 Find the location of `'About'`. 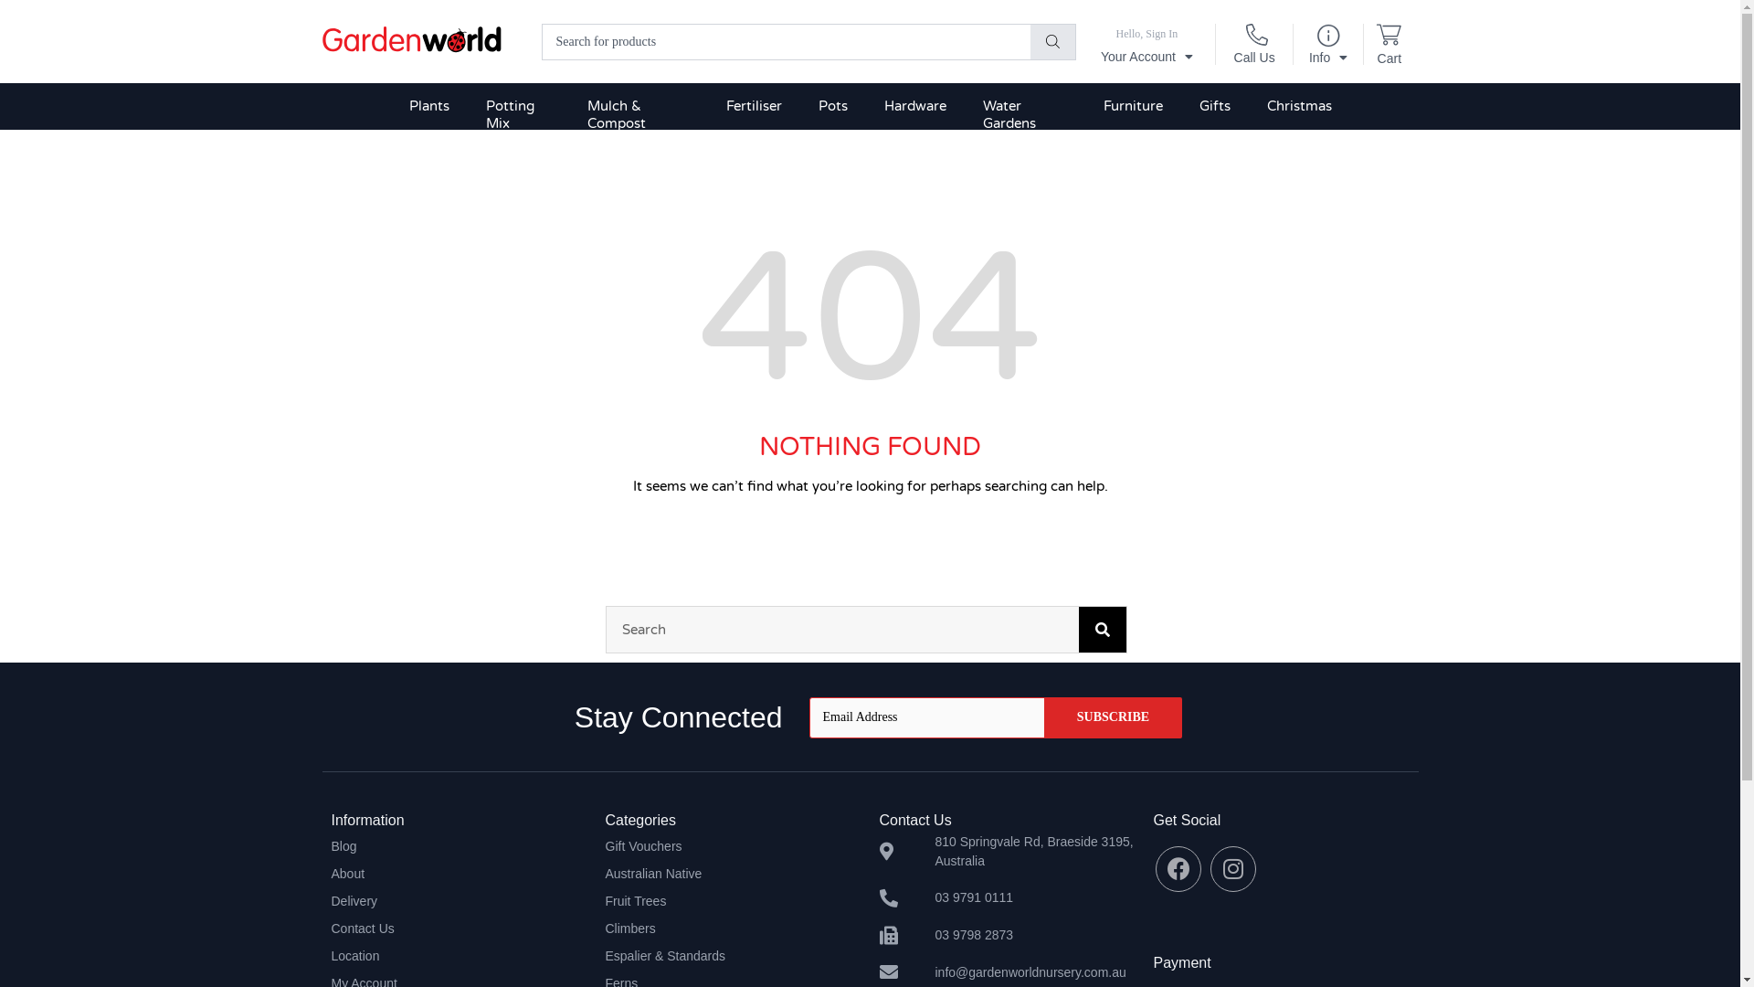

'About' is located at coordinates (330, 873).